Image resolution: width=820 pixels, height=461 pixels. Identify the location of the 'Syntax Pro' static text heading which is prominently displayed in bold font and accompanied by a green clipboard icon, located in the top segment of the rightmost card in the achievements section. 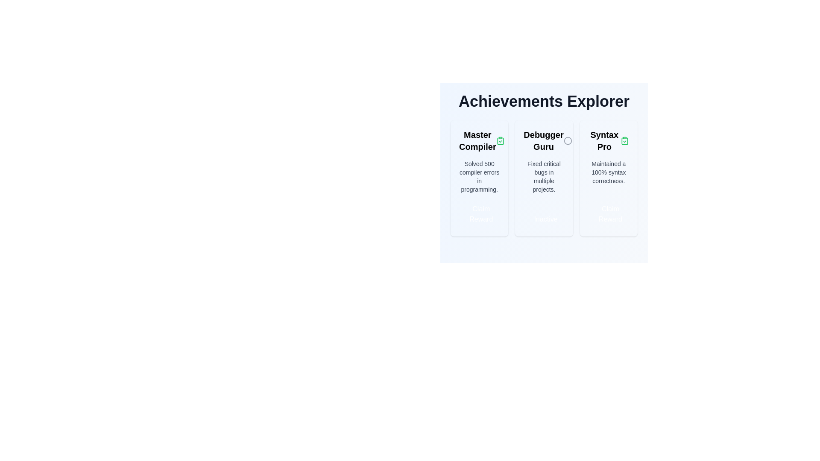
(608, 140).